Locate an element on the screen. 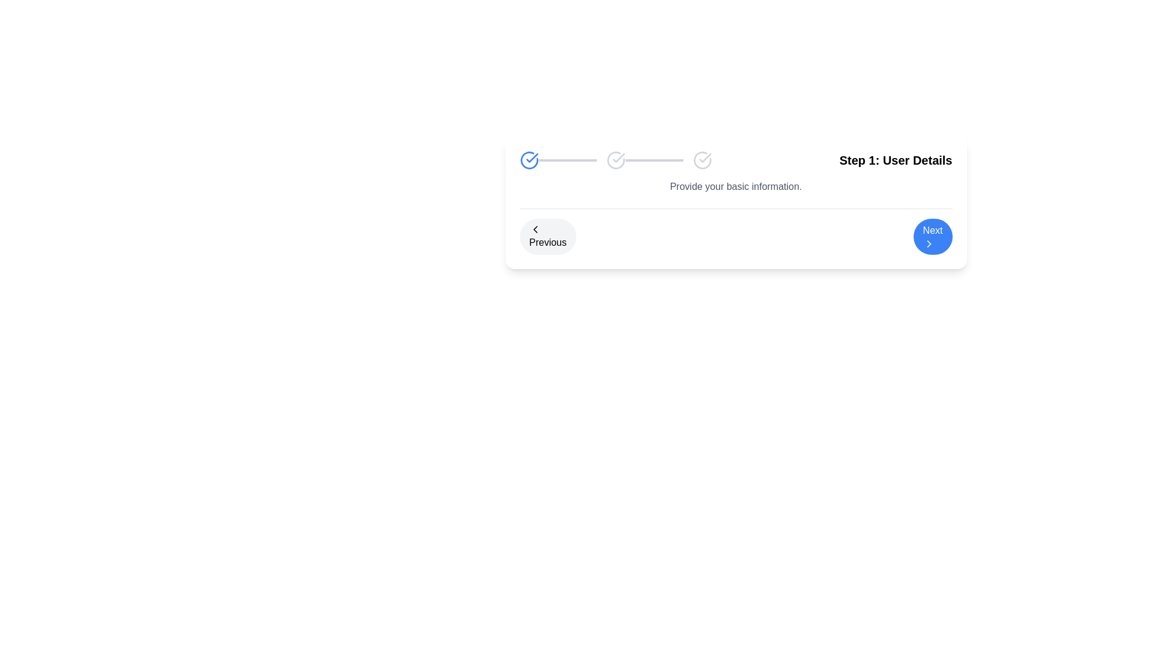 This screenshot has height=649, width=1154. the status of the checkmark icon embedded within a circular outline, which indicates the completion of the first step in the multi-step process is located at coordinates (705, 157).